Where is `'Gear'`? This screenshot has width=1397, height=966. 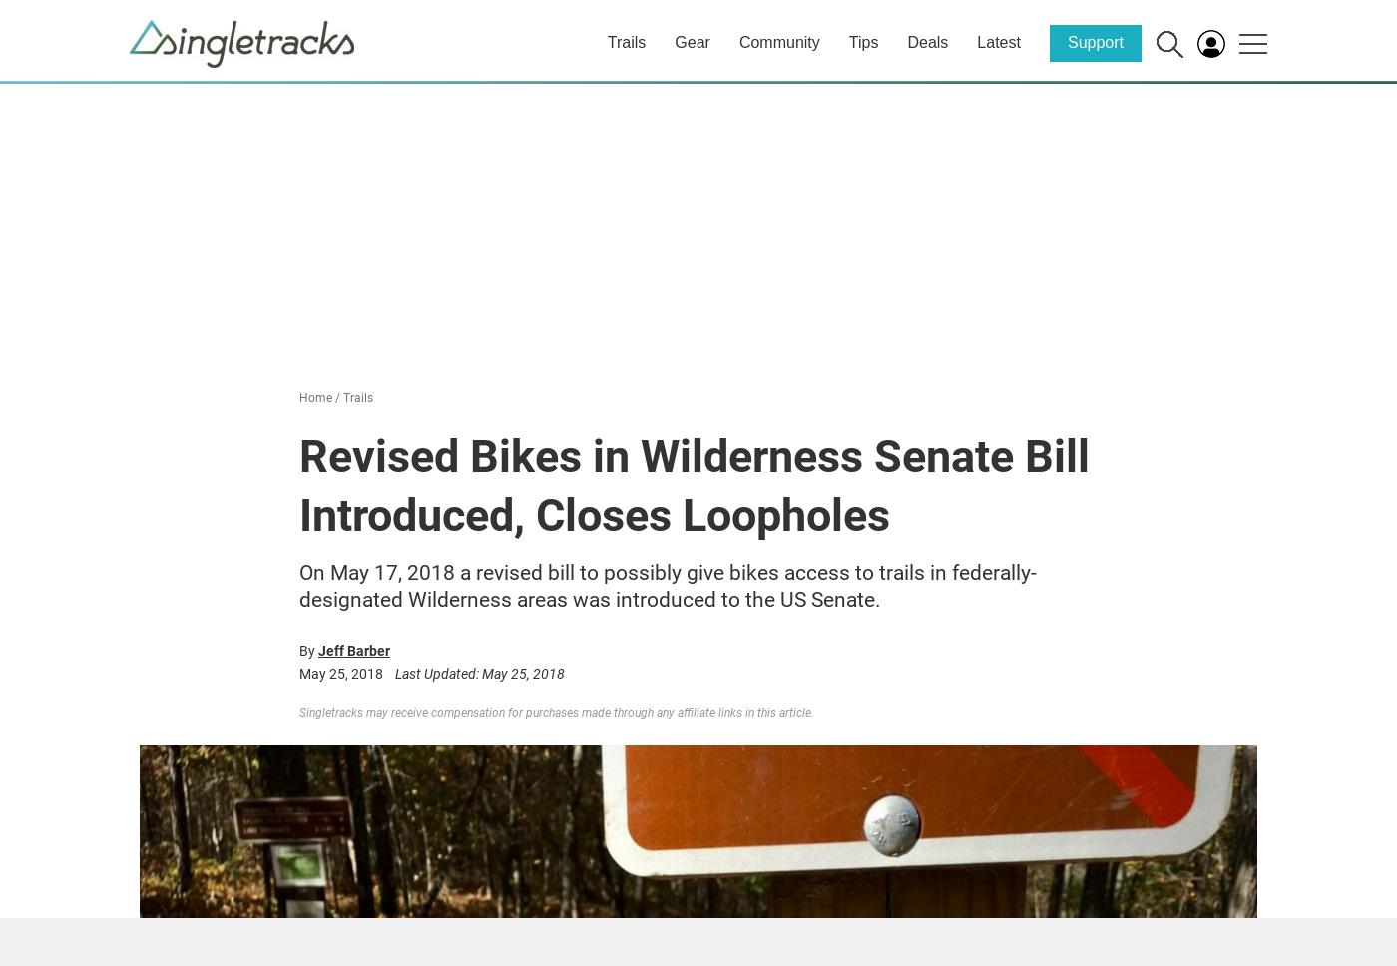 'Gear' is located at coordinates (675, 41).